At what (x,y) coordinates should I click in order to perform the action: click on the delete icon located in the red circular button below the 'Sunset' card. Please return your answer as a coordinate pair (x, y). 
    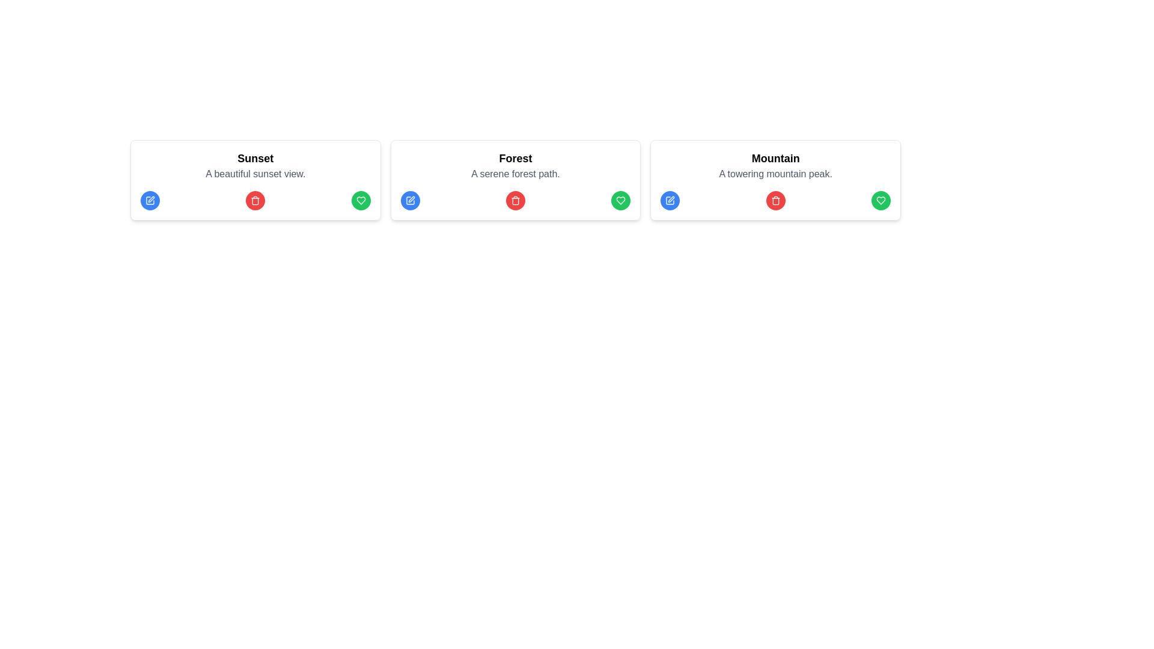
    Looking at the image, I should click on (255, 200).